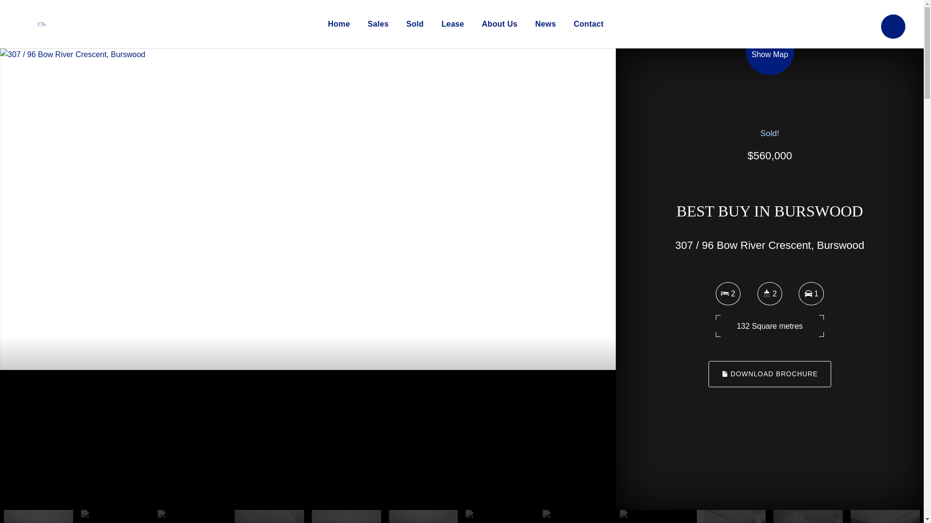 The image size is (931, 523). What do you see at coordinates (377, 24) in the screenshot?
I see `'Sales'` at bounding box center [377, 24].